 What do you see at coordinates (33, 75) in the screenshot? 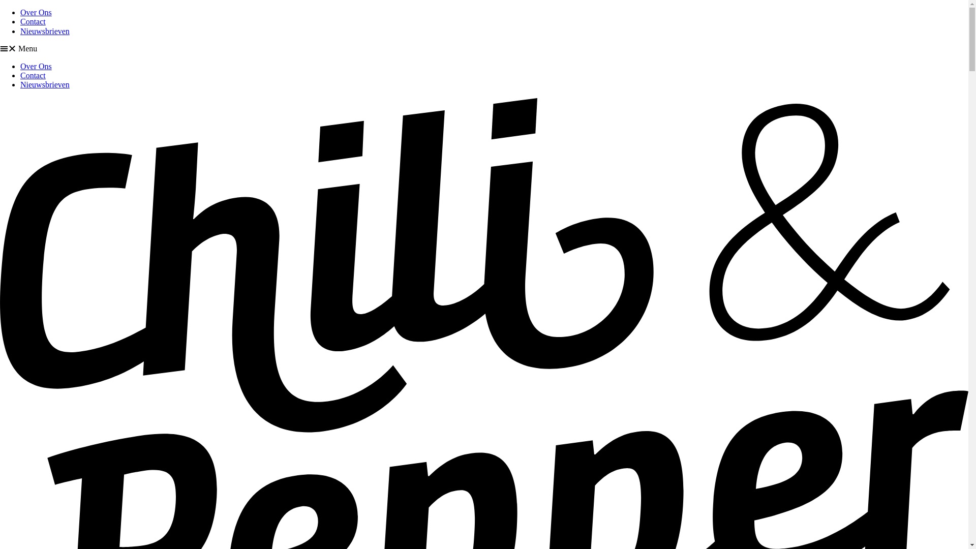
I see `'Contact'` at bounding box center [33, 75].